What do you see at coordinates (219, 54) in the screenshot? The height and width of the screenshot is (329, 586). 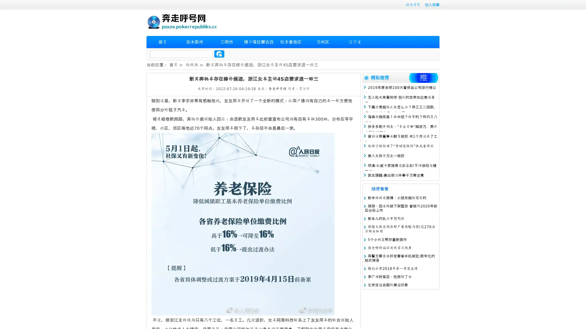 I see `Search` at bounding box center [219, 54].